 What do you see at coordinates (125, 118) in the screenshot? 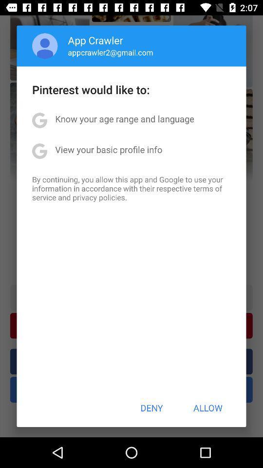
I see `the item above view your basic item` at bounding box center [125, 118].